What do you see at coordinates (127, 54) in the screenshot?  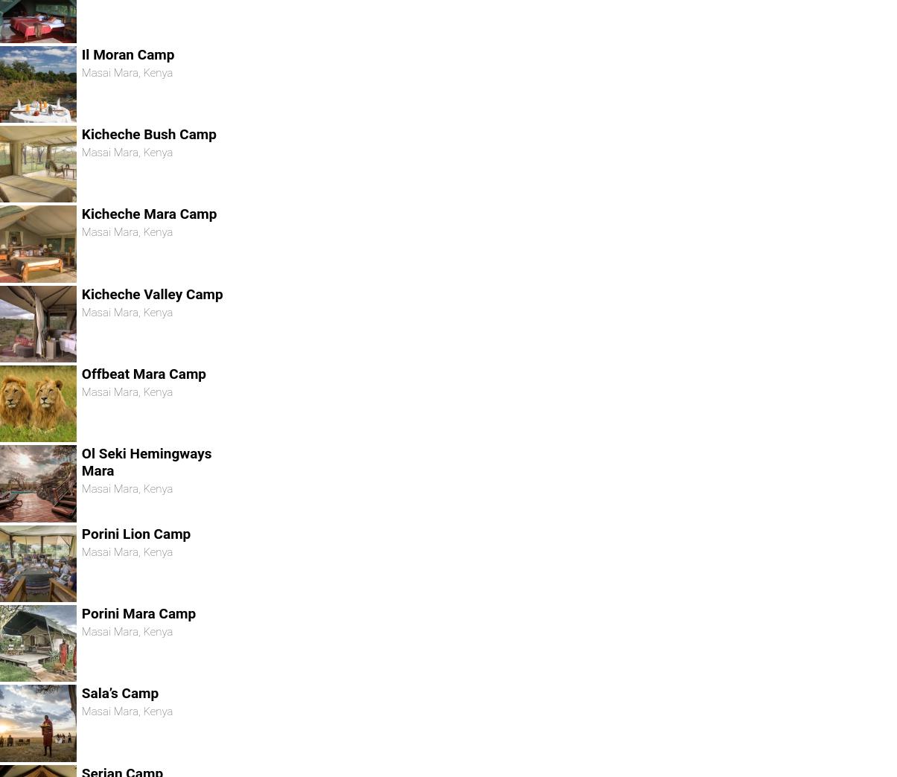 I see `'Il Moran Camp'` at bounding box center [127, 54].